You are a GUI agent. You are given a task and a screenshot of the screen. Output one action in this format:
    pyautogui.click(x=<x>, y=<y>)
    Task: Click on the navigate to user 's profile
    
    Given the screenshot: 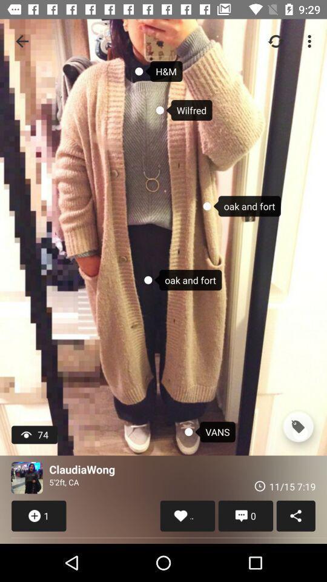 What is the action you would take?
    pyautogui.click(x=27, y=478)
    